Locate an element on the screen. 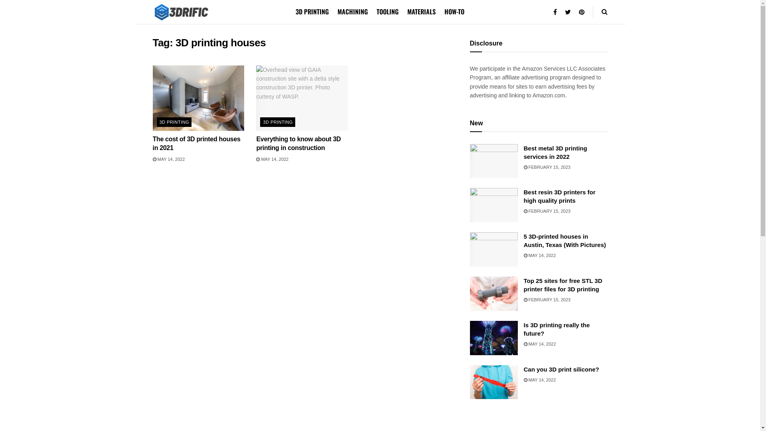 Image resolution: width=766 pixels, height=431 pixels. '3D PRINTING' is located at coordinates (278, 122).